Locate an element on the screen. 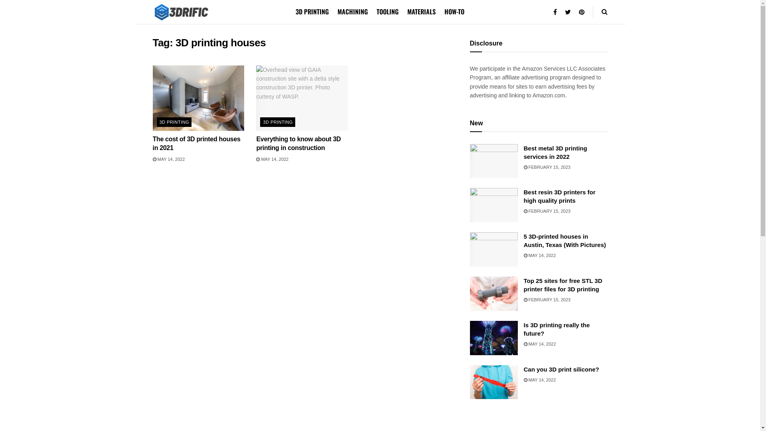 Image resolution: width=766 pixels, height=431 pixels. '3D PRINTING' is located at coordinates (278, 122).